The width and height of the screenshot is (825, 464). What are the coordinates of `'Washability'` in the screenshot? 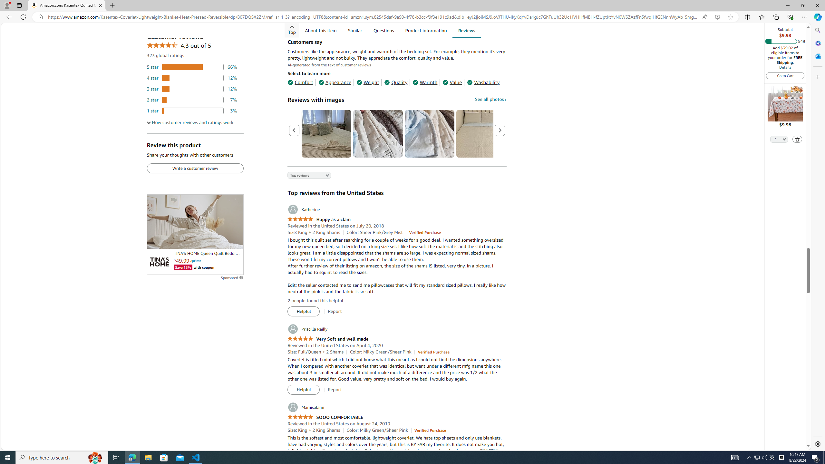 It's located at (483, 82).